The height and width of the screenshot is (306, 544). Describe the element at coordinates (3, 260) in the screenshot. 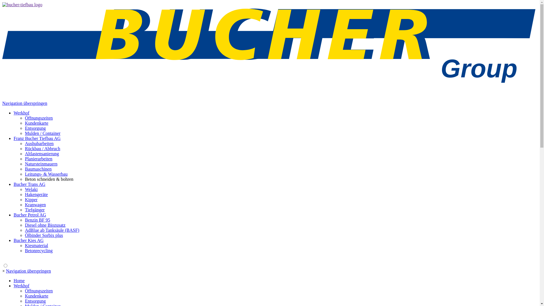

I see `' '` at that location.